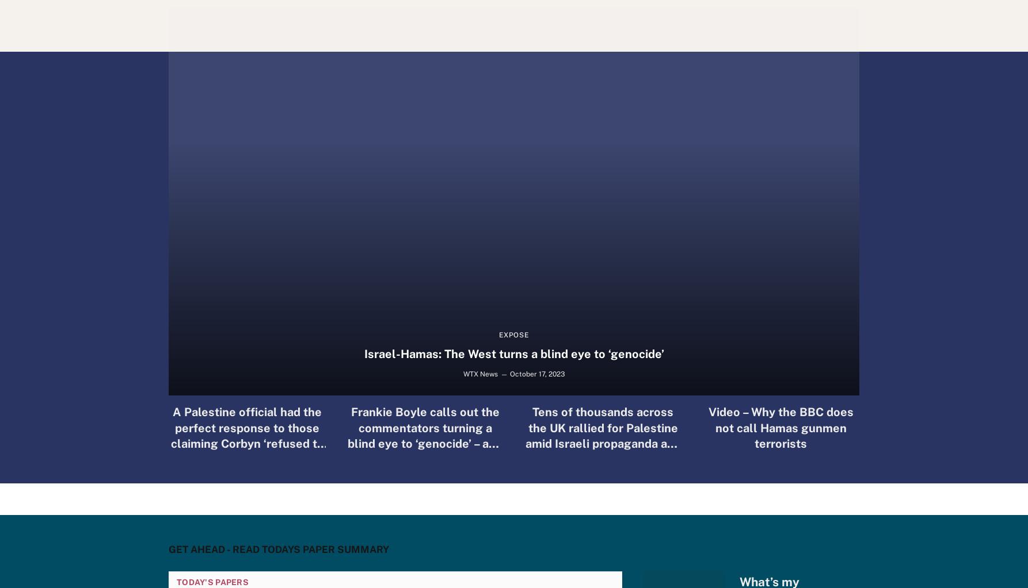 This screenshot has width=1028, height=588. What do you see at coordinates (513, 353) in the screenshot?
I see `'Israel-Hamas: The West turns a blind eye to ‘genocide’'` at bounding box center [513, 353].